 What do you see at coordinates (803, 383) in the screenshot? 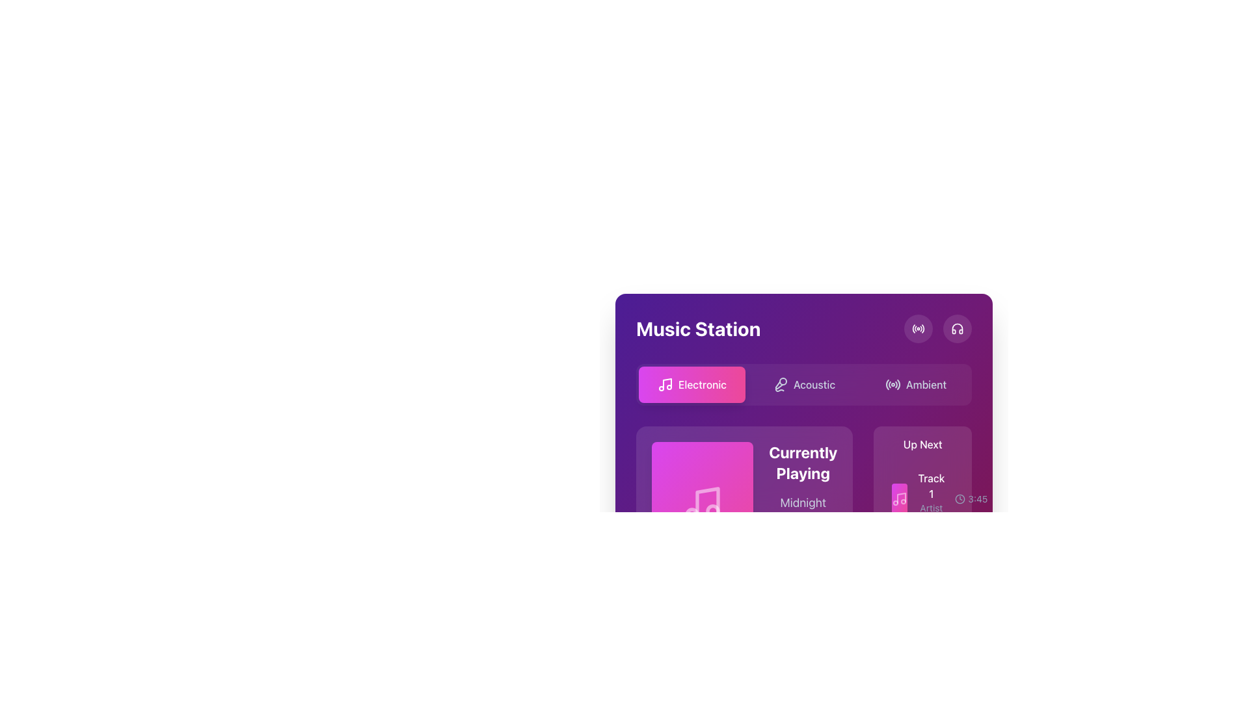
I see `the 'Acoustic' button from the group of selectable buttons for audio categories located below the heading 'Music Station'` at bounding box center [803, 383].